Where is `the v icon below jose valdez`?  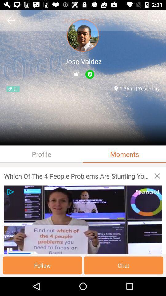
the v icon below jose valdez is located at coordinates (89, 74).